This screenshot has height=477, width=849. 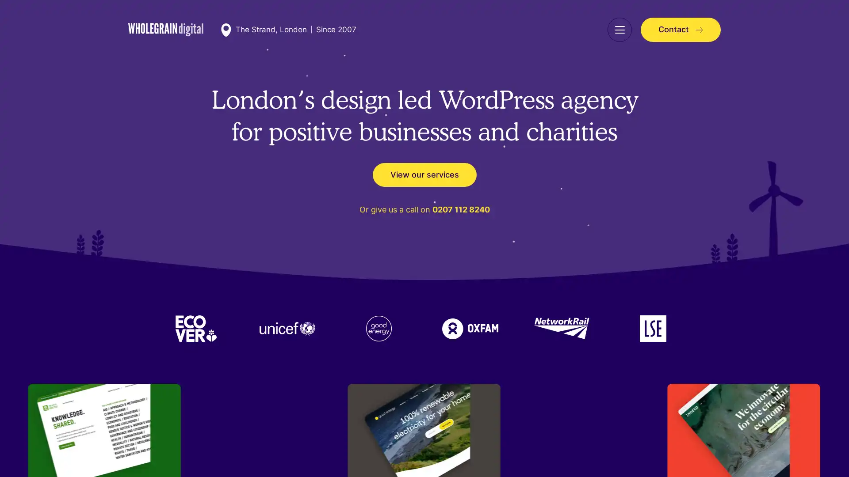 I want to click on Open menu, so click(x=619, y=29).